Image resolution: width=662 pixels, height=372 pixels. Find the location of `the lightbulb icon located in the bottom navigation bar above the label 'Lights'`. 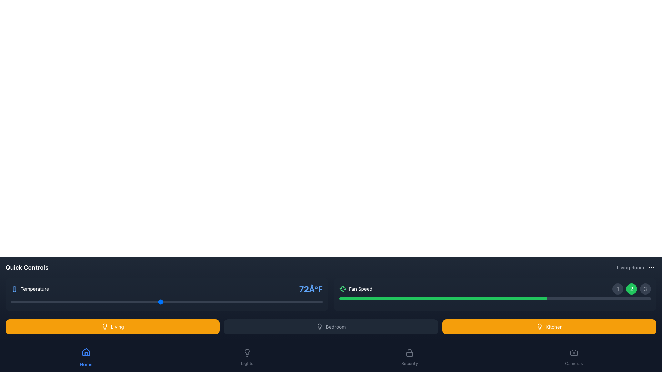

the lightbulb icon located in the bottom navigation bar above the label 'Lights' is located at coordinates (247, 352).